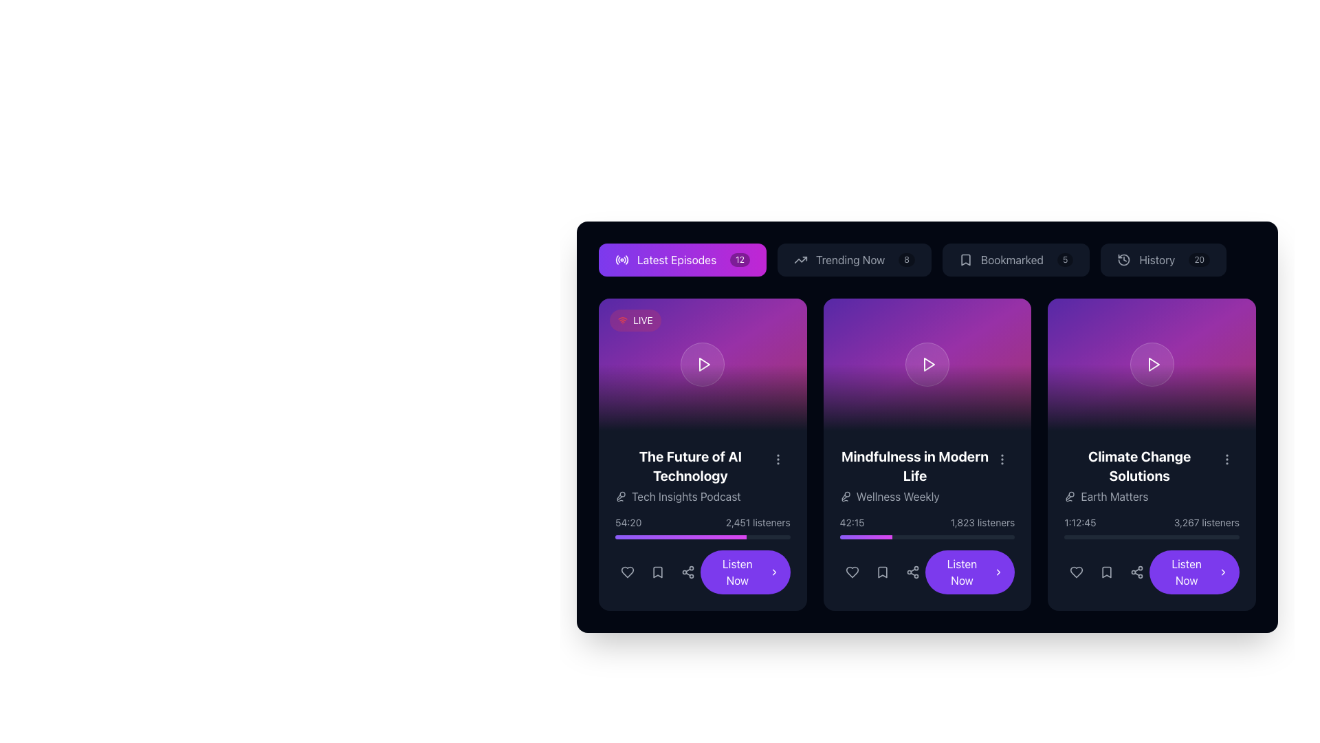  What do you see at coordinates (705, 363) in the screenshot?
I see `the play button icon located at the top-center of the podcast card titled 'The Future of AI Technology' to provide visual feedback` at bounding box center [705, 363].